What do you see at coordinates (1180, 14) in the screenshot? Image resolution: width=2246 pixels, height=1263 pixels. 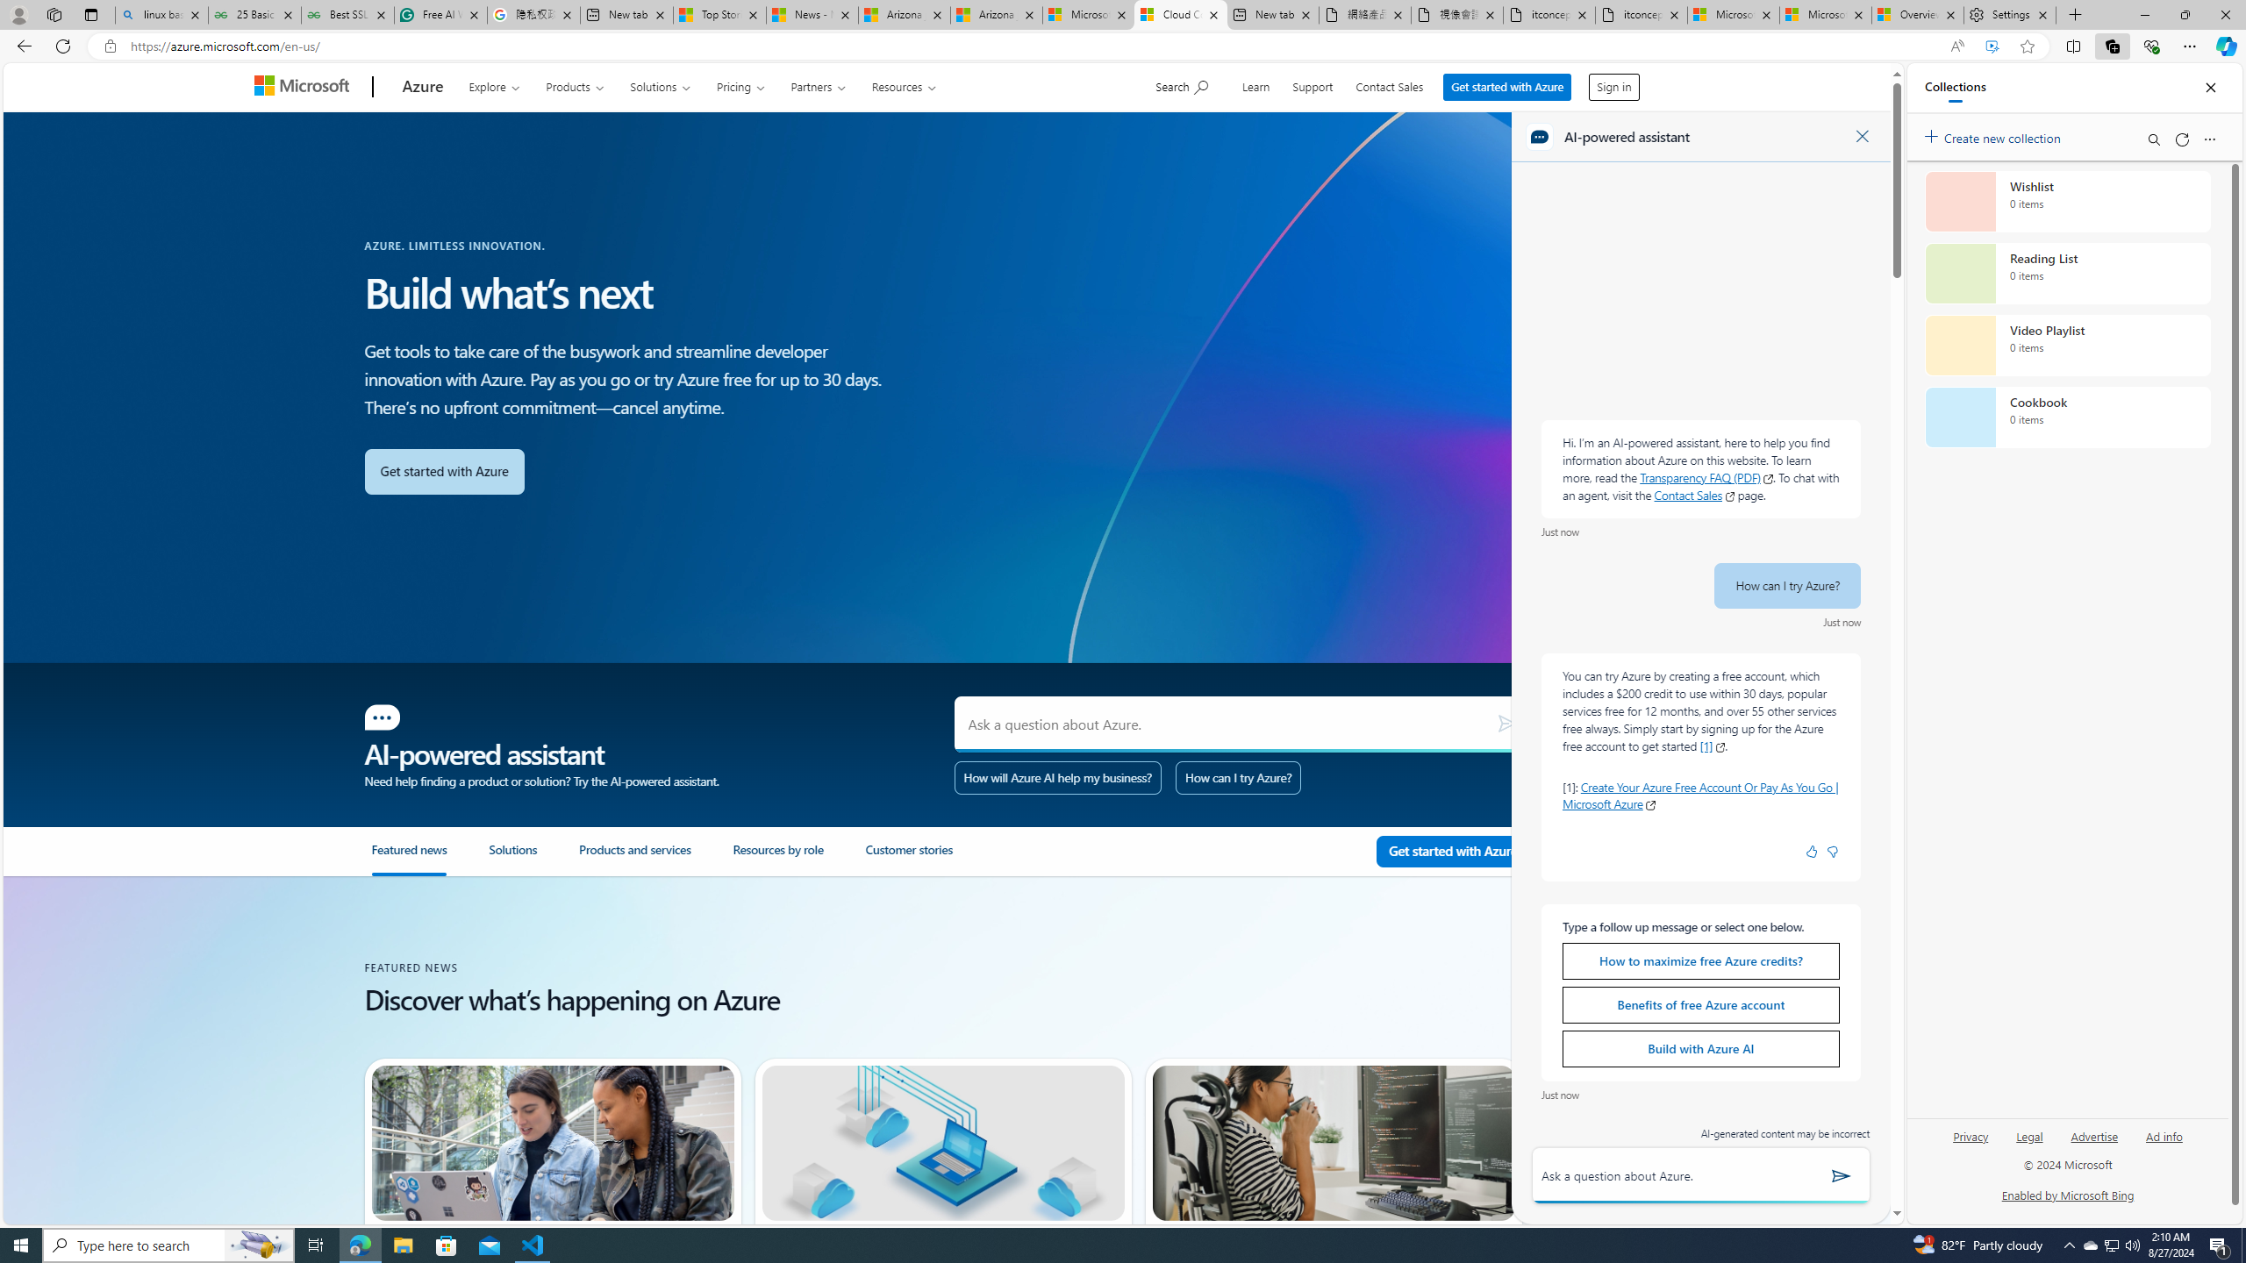 I see `'Cloud Computing Services | Microsoft Azure'` at bounding box center [1180, 14].